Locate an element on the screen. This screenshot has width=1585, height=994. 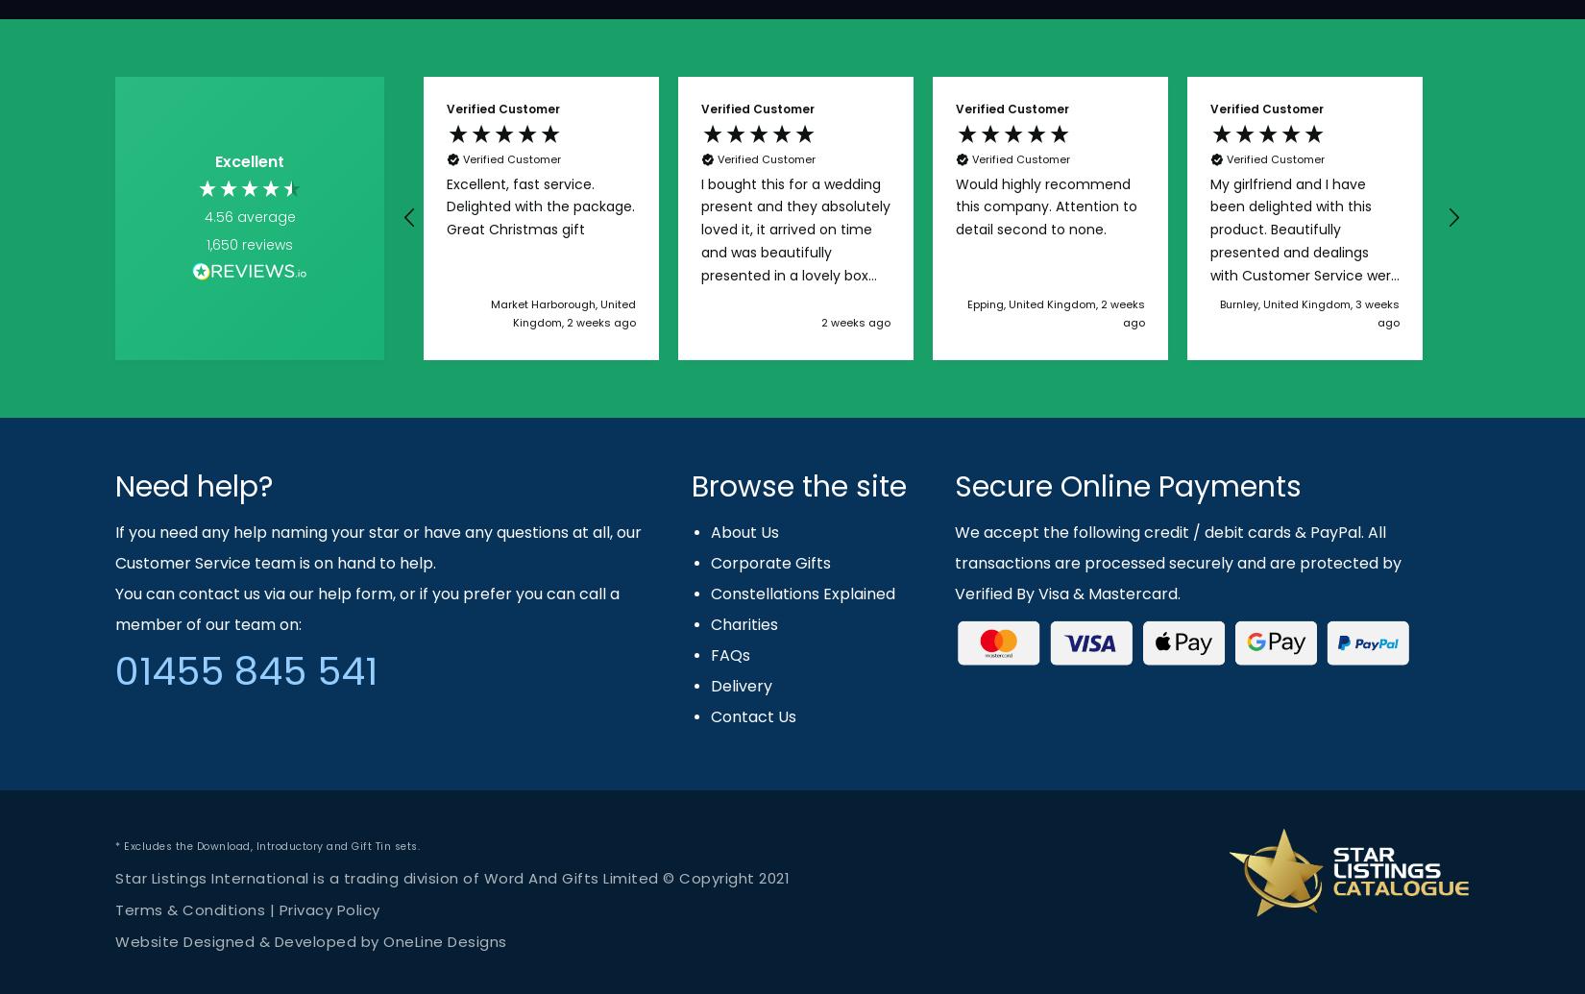
'Terms & Conditions' is located at coordinates (190, 908).